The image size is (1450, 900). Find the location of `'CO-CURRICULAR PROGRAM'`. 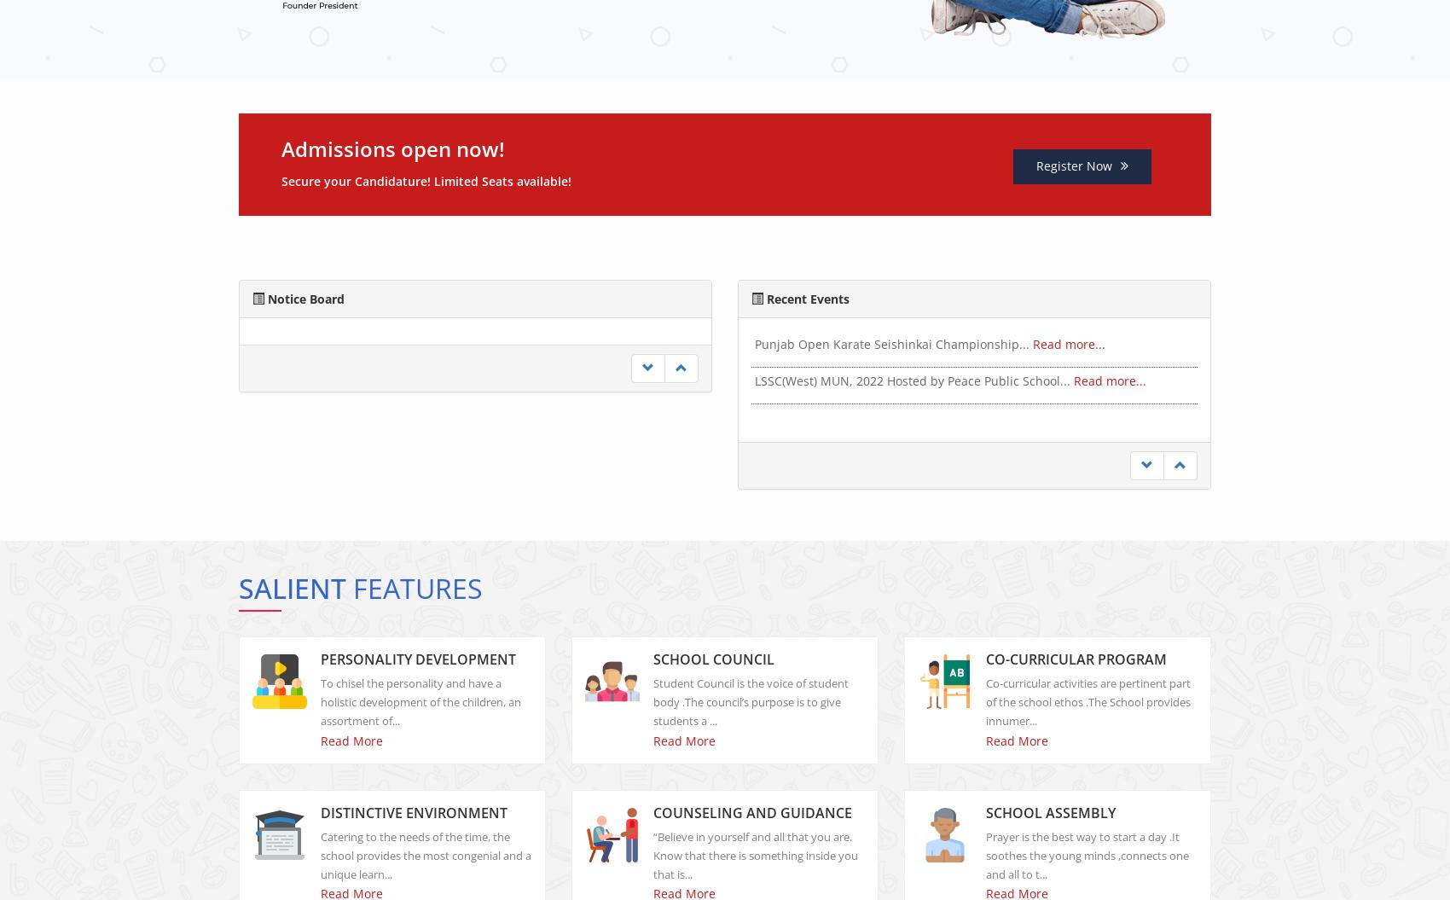

'CO-CURRICULAR PROGRAM' is located at coordinates (1076, 672).